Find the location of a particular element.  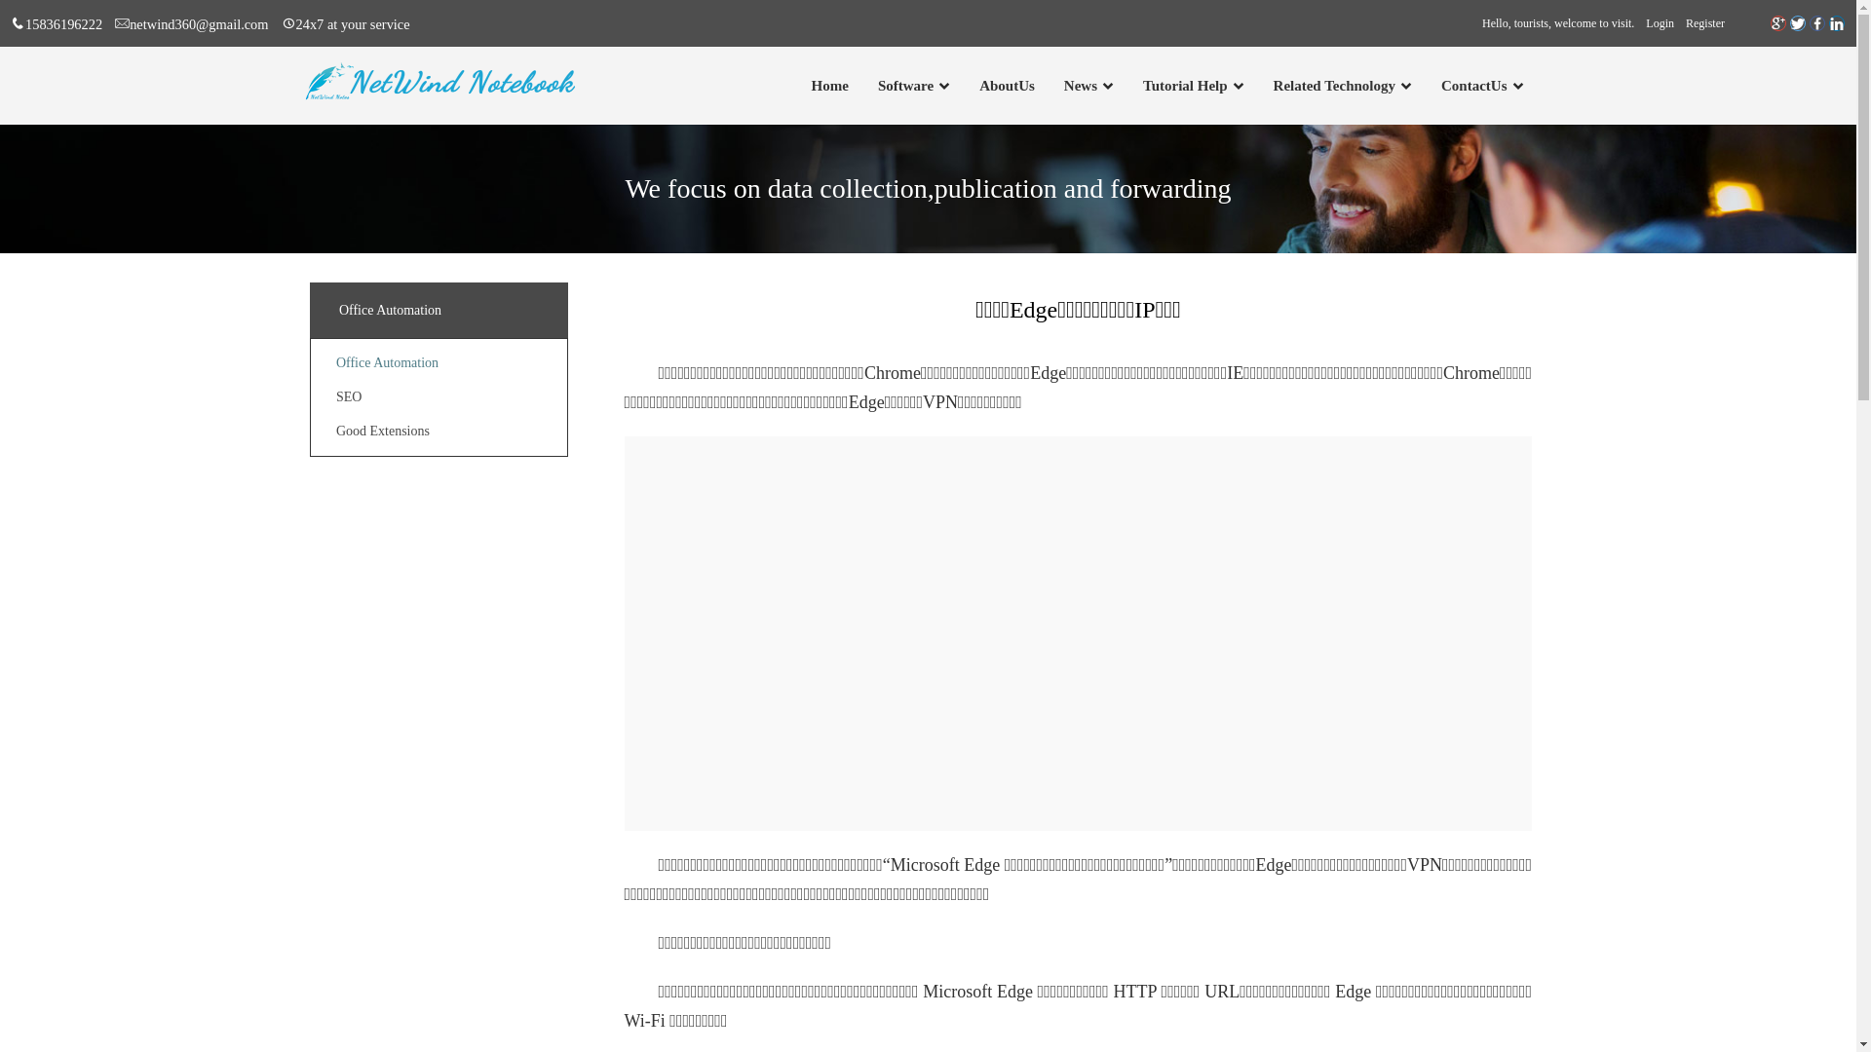

'AboutUs' is located at coordinates (1007, 85).